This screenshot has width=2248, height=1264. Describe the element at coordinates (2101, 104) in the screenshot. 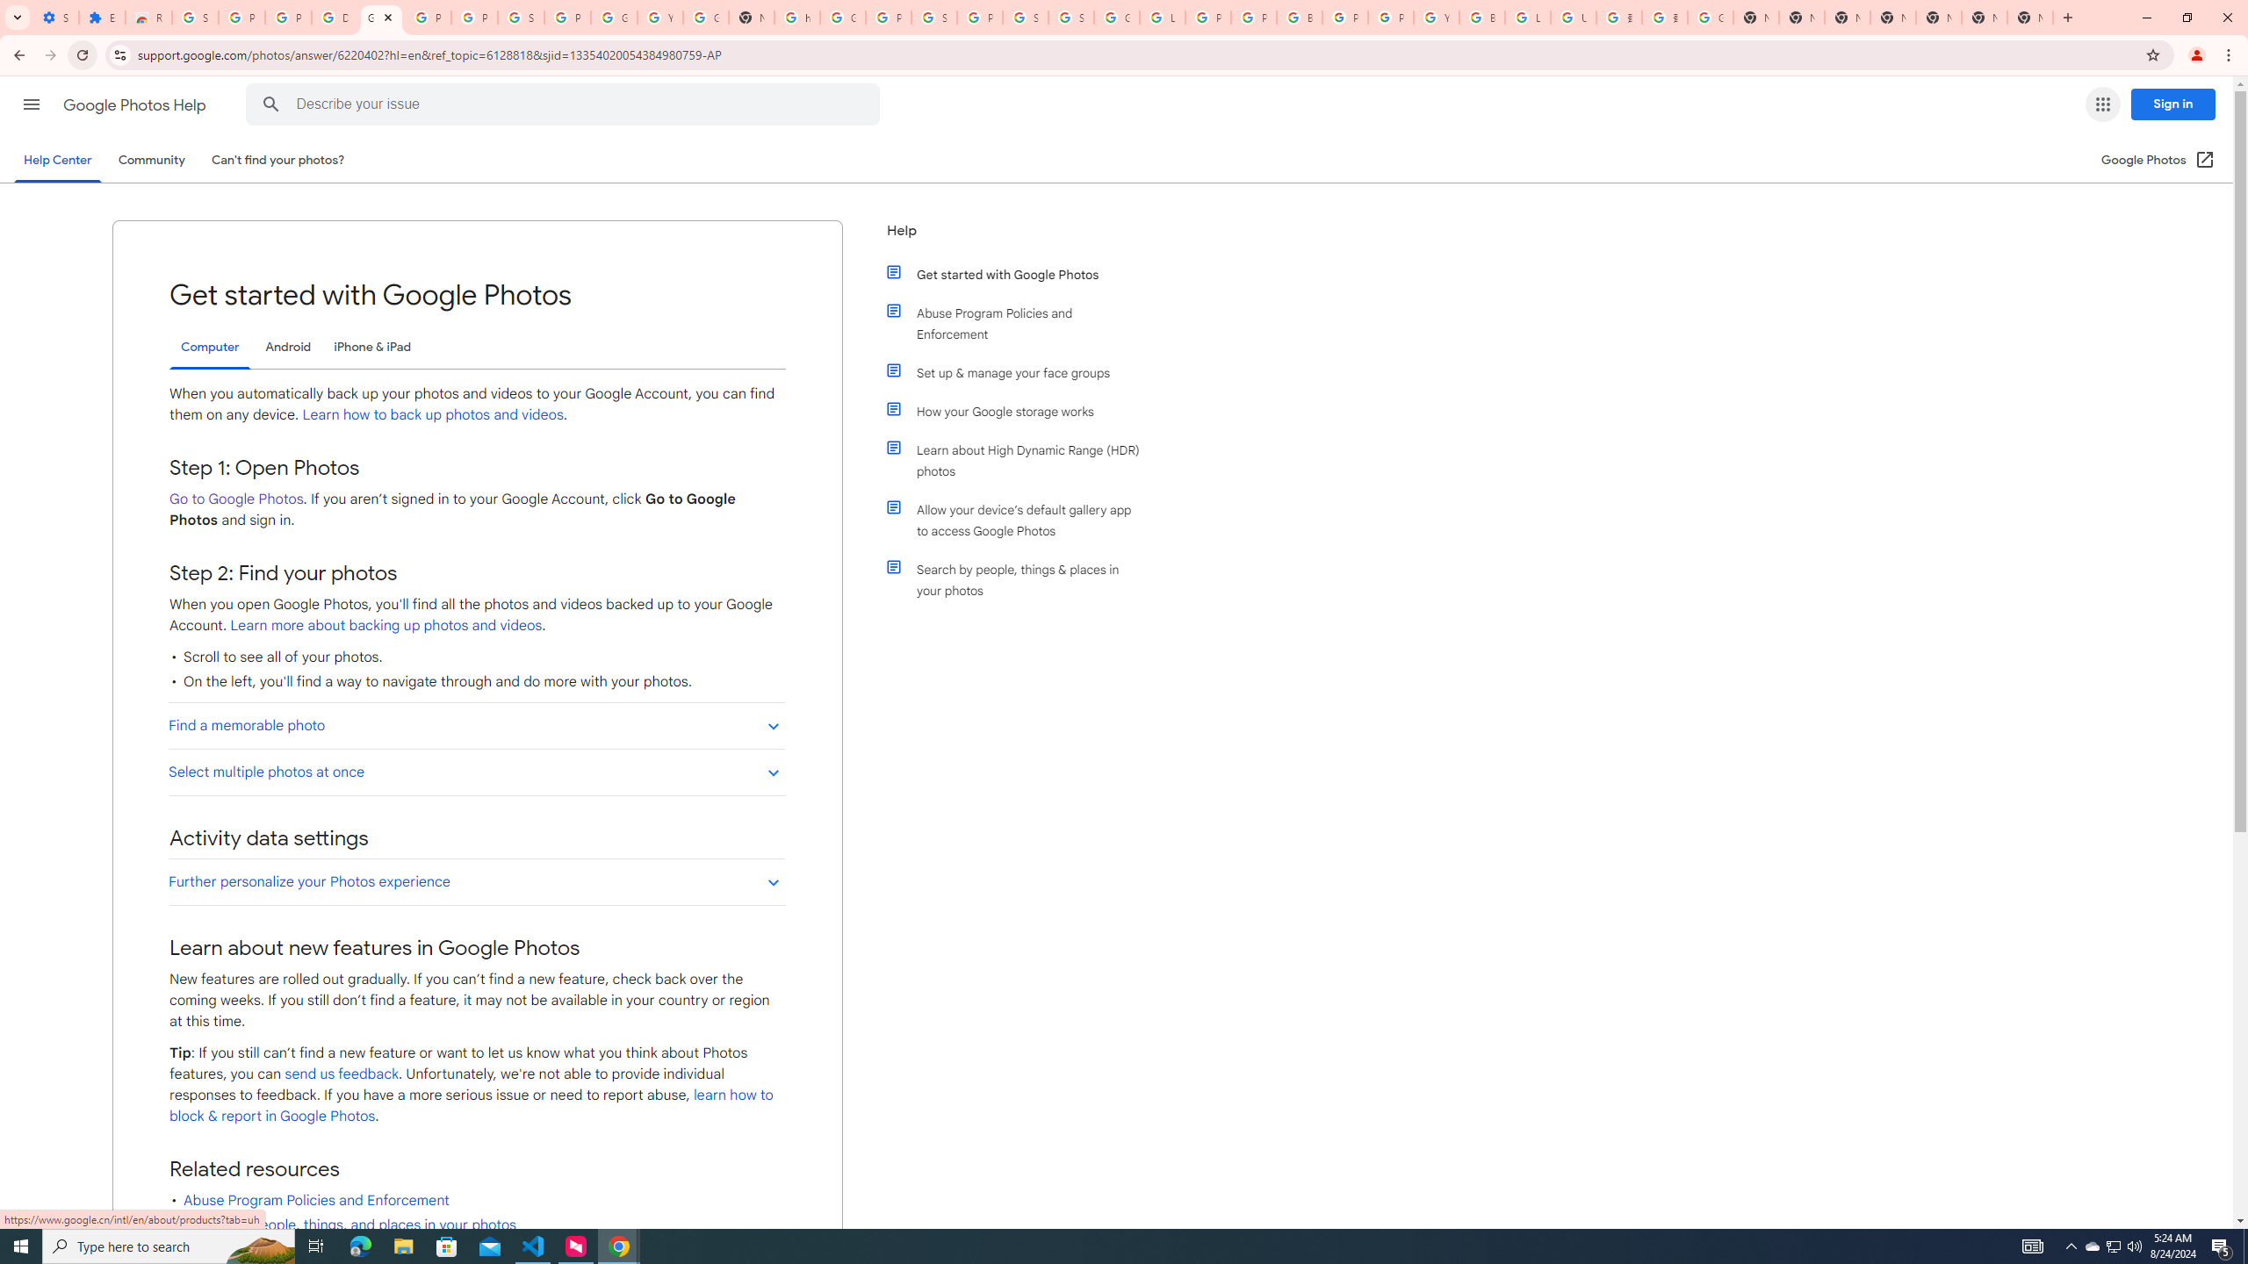

I see `'Google apps'` at that location.